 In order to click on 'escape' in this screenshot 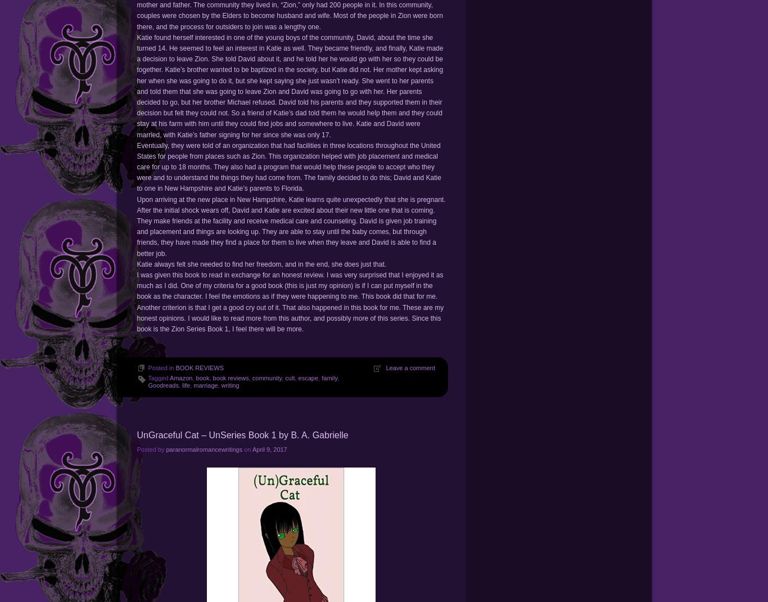, I will do `click(308, 378)`.